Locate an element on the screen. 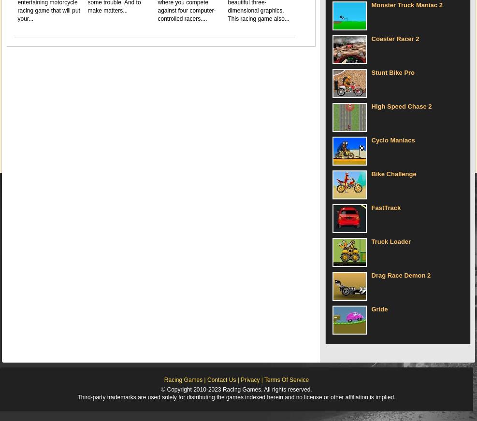  'Terms Of Service' is located at coordinates (286, 379).